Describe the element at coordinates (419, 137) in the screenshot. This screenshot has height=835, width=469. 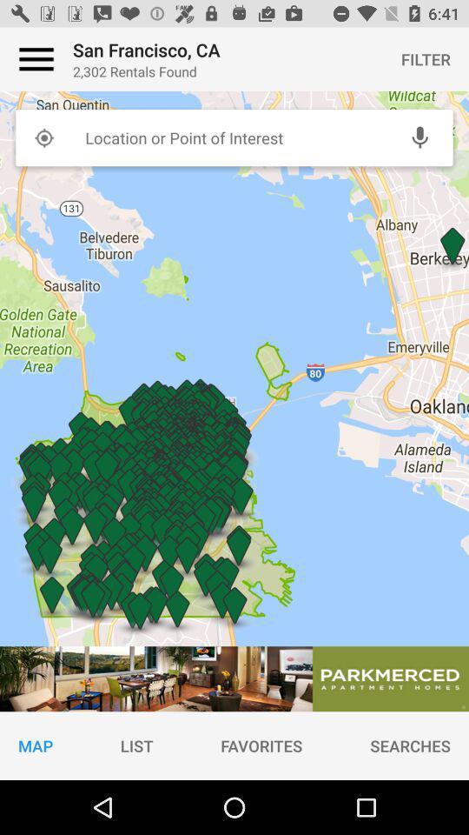
I see `the microphone icon` at that location.